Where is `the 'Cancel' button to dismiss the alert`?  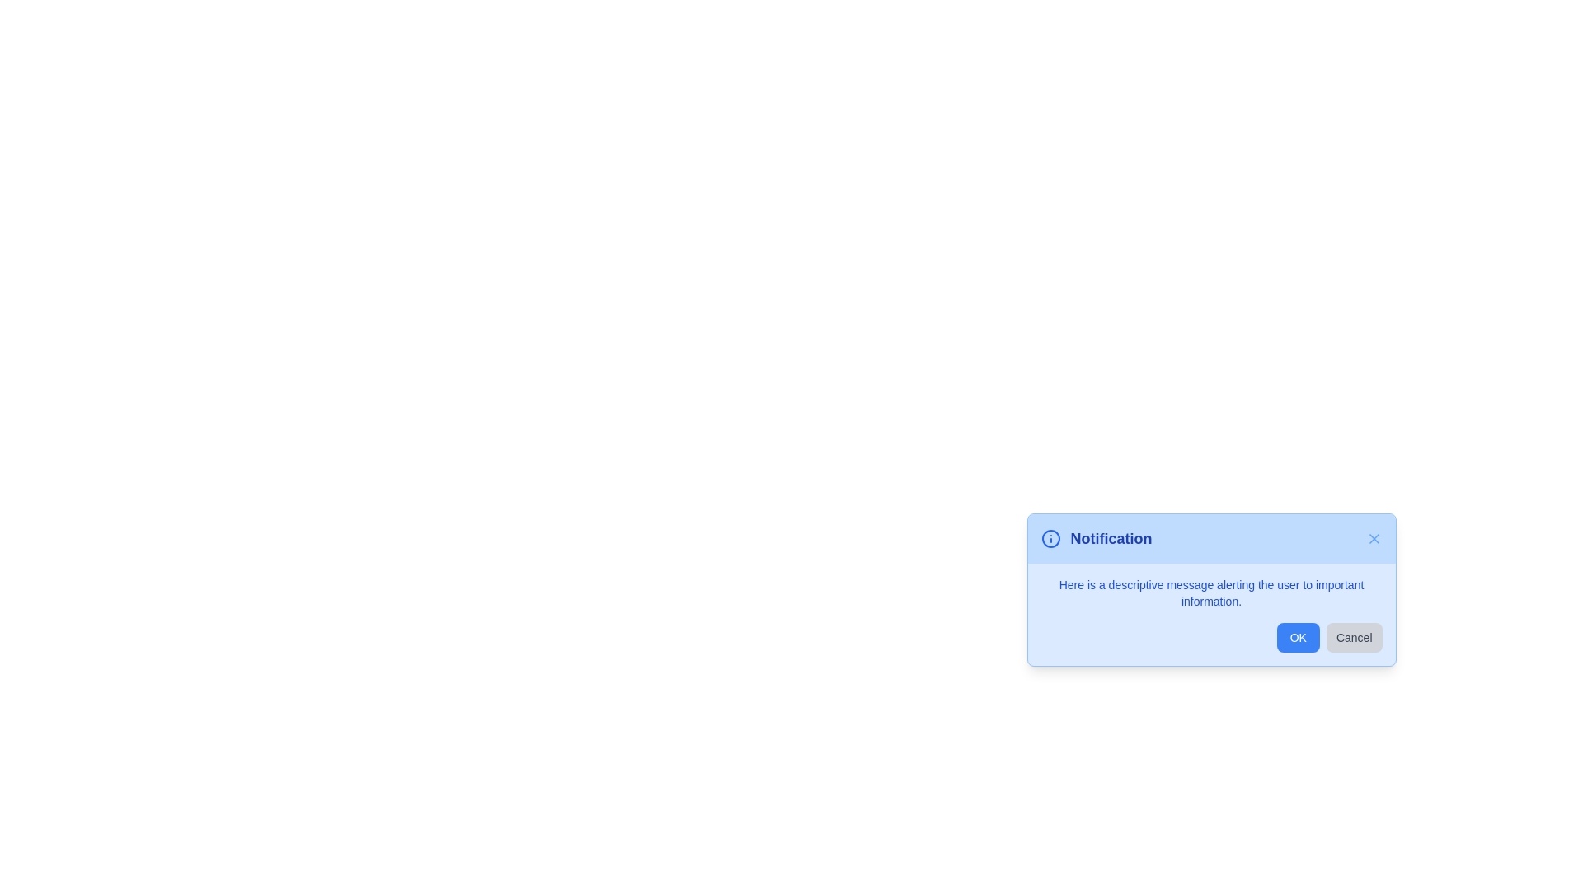
the 'Cancel' button to dismiss the alert is located at coordinates (1354, 637).